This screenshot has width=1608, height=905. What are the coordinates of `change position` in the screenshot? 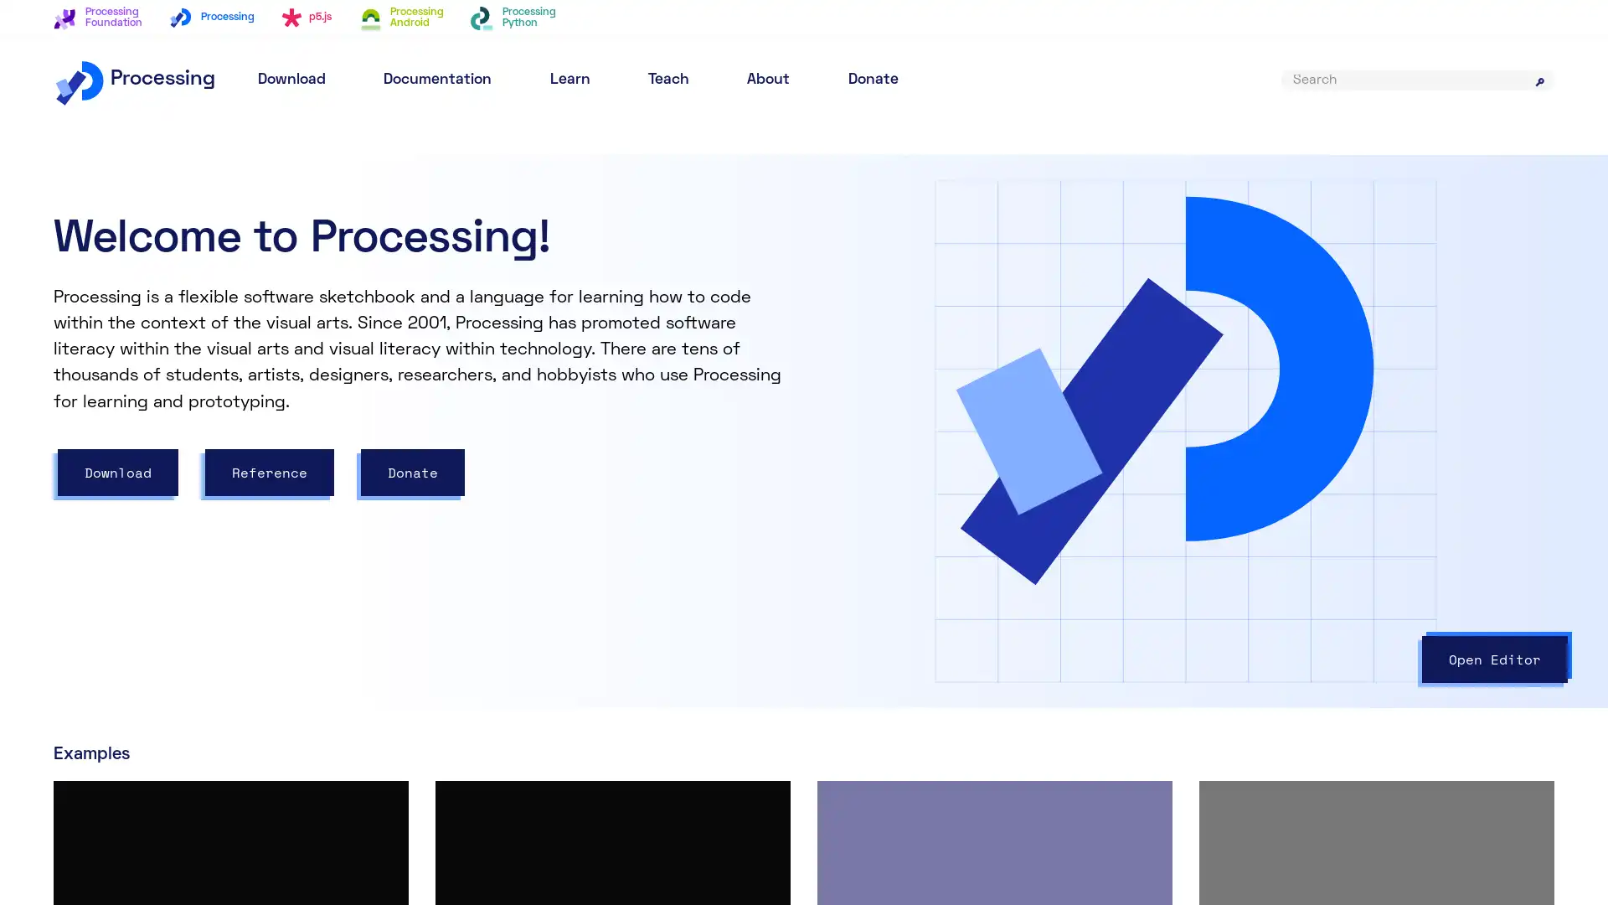 It's located at (954, 556).